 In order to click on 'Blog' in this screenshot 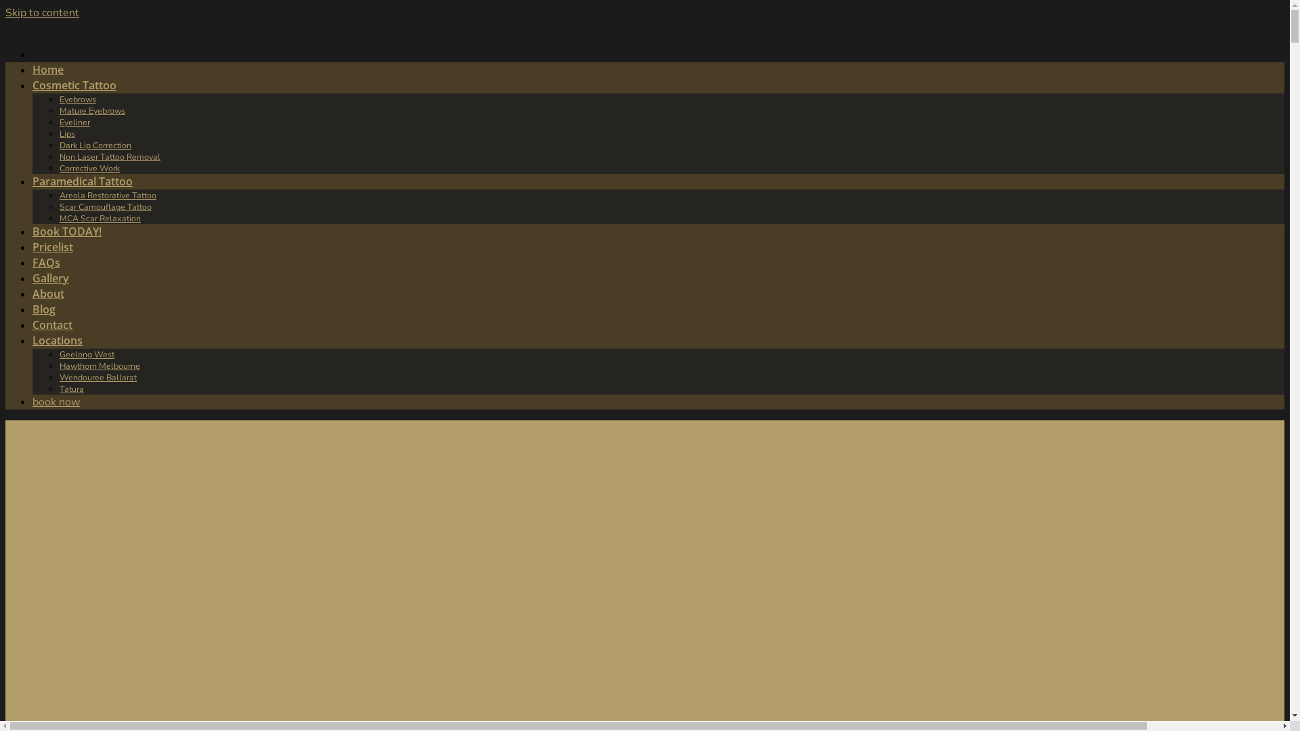, I will do `click(44, 309)`.